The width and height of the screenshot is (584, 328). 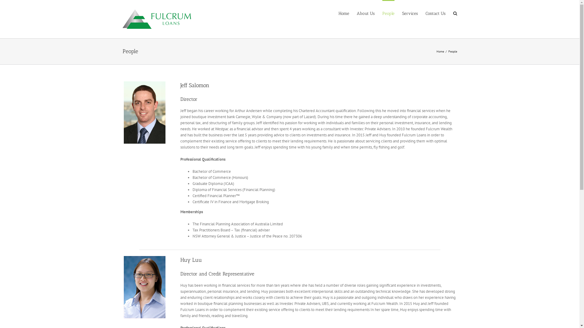 I want to click on 'Services', so click(x=410, y=13).